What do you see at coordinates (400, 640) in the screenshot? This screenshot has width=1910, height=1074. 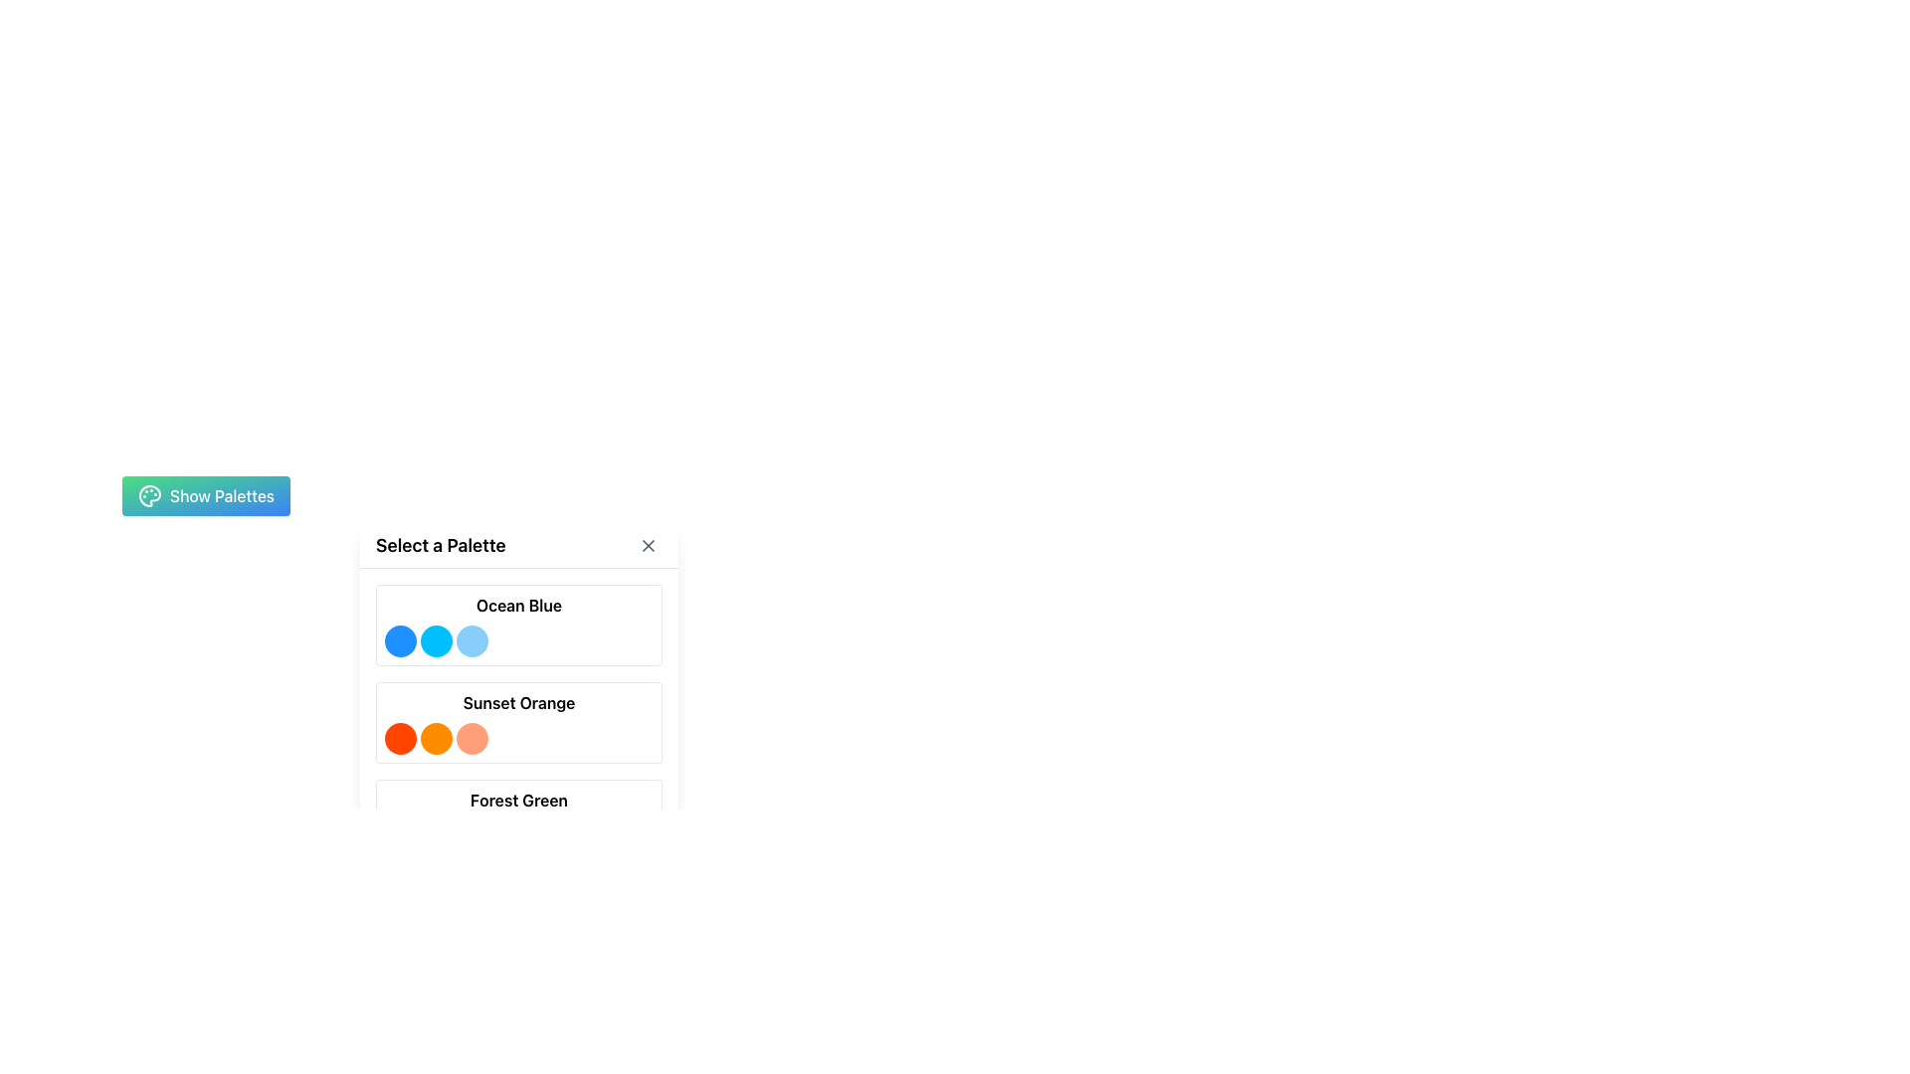 I see `the first circle in the 'Ocean Blue' palette option` at bounding box center [400, 640].